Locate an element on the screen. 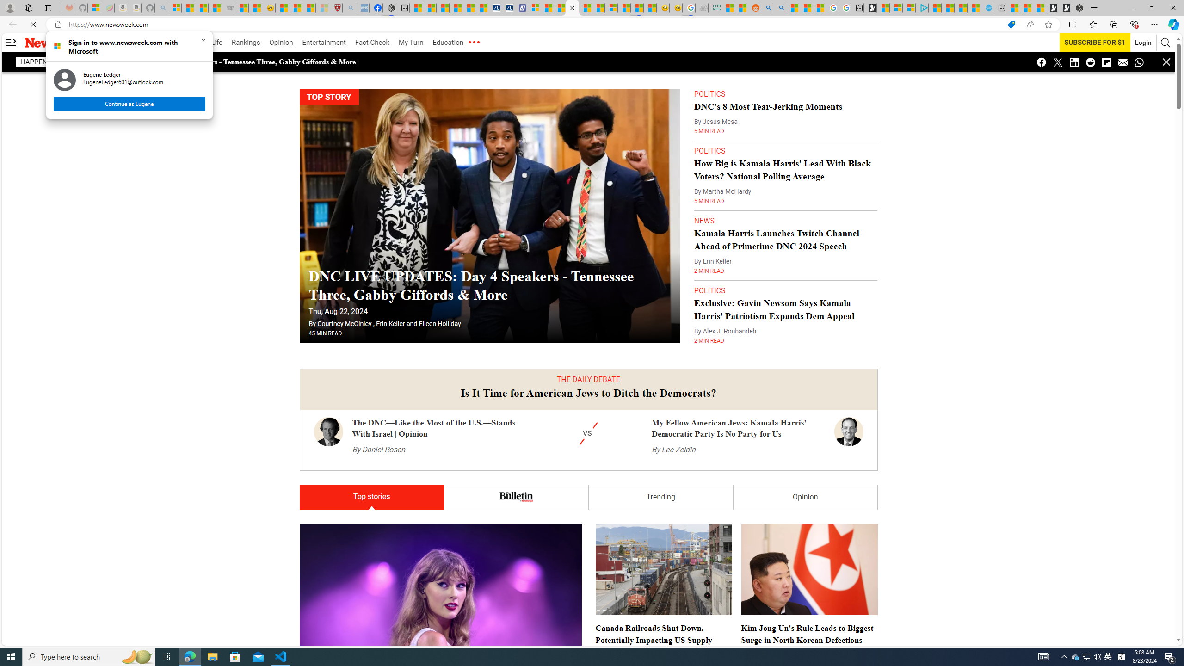 The image size is (1184, 666). 'AutomationID: moreOptions' is located at coordinates (473, 42).